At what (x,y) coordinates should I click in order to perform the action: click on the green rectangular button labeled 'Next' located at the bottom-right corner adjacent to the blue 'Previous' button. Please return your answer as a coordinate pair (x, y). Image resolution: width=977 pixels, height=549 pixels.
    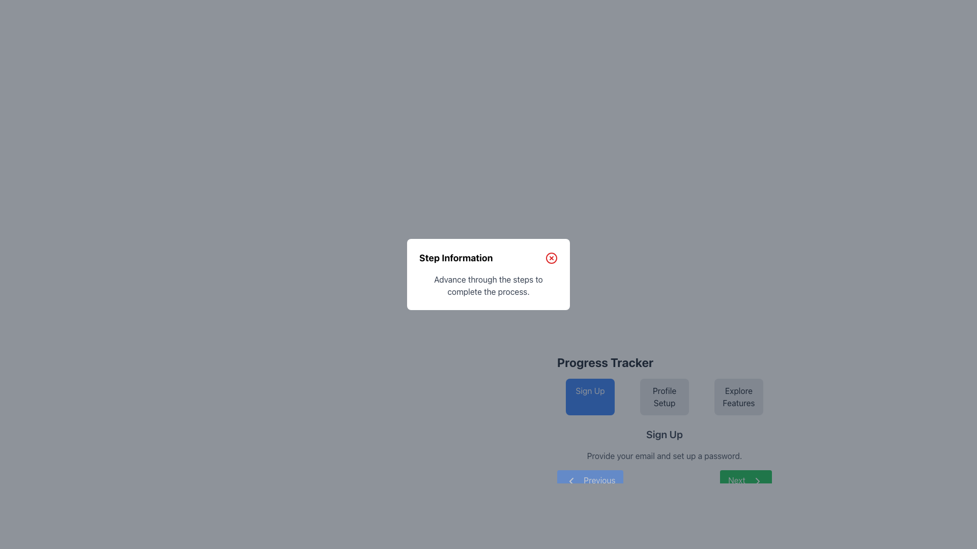
    Looking at the image, I should click on (746, 480).